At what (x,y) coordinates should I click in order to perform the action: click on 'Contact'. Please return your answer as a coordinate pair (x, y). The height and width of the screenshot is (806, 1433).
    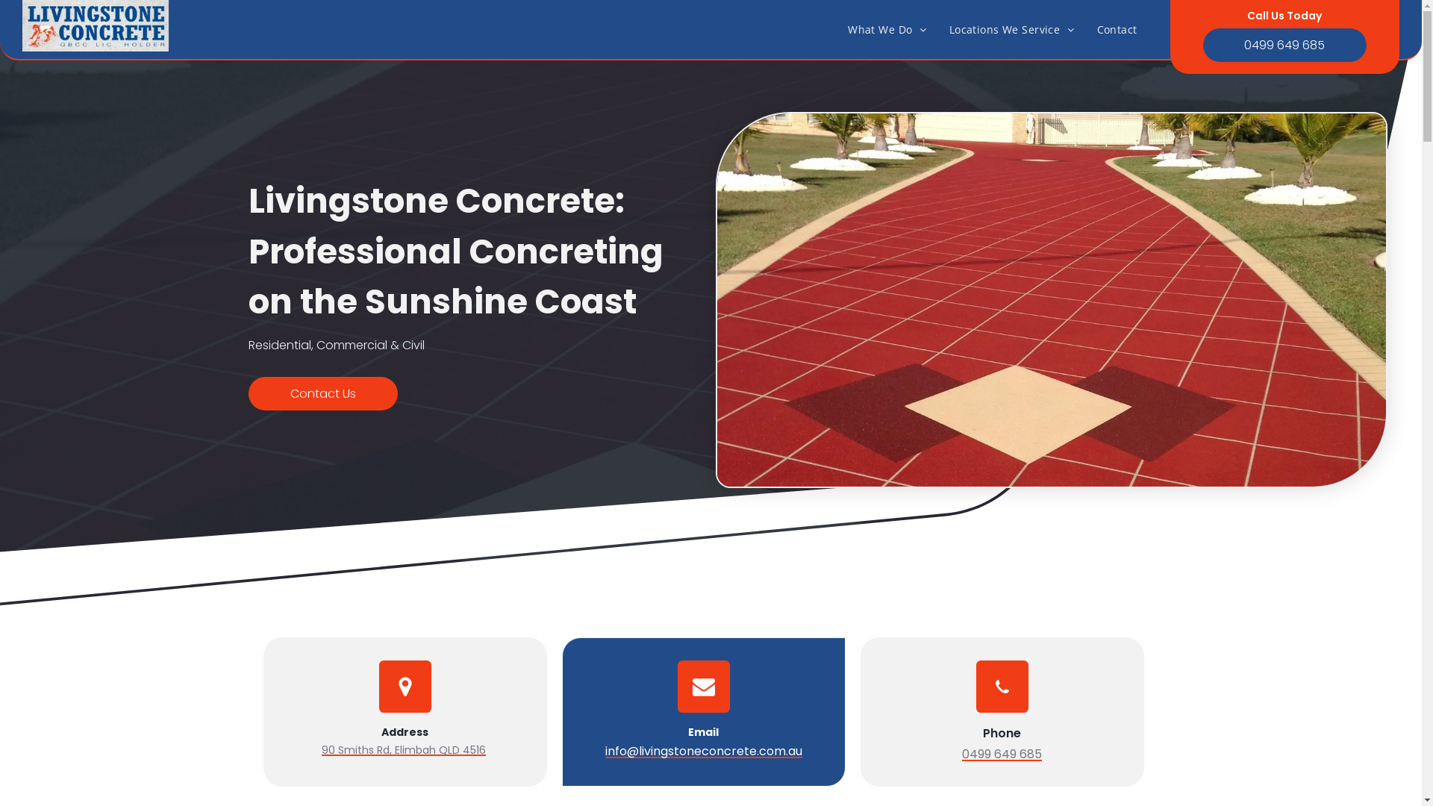
    Looking at the image, I should click on (1117, 29).